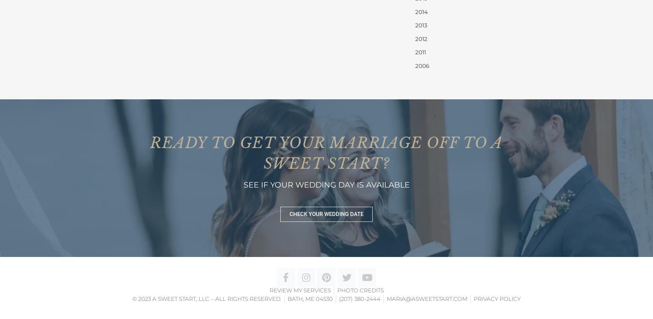 The width and height of the screenshot is (653, 319). I want to click on 'Ready to get your marriage off to a sweet start?', so click(150, 152).